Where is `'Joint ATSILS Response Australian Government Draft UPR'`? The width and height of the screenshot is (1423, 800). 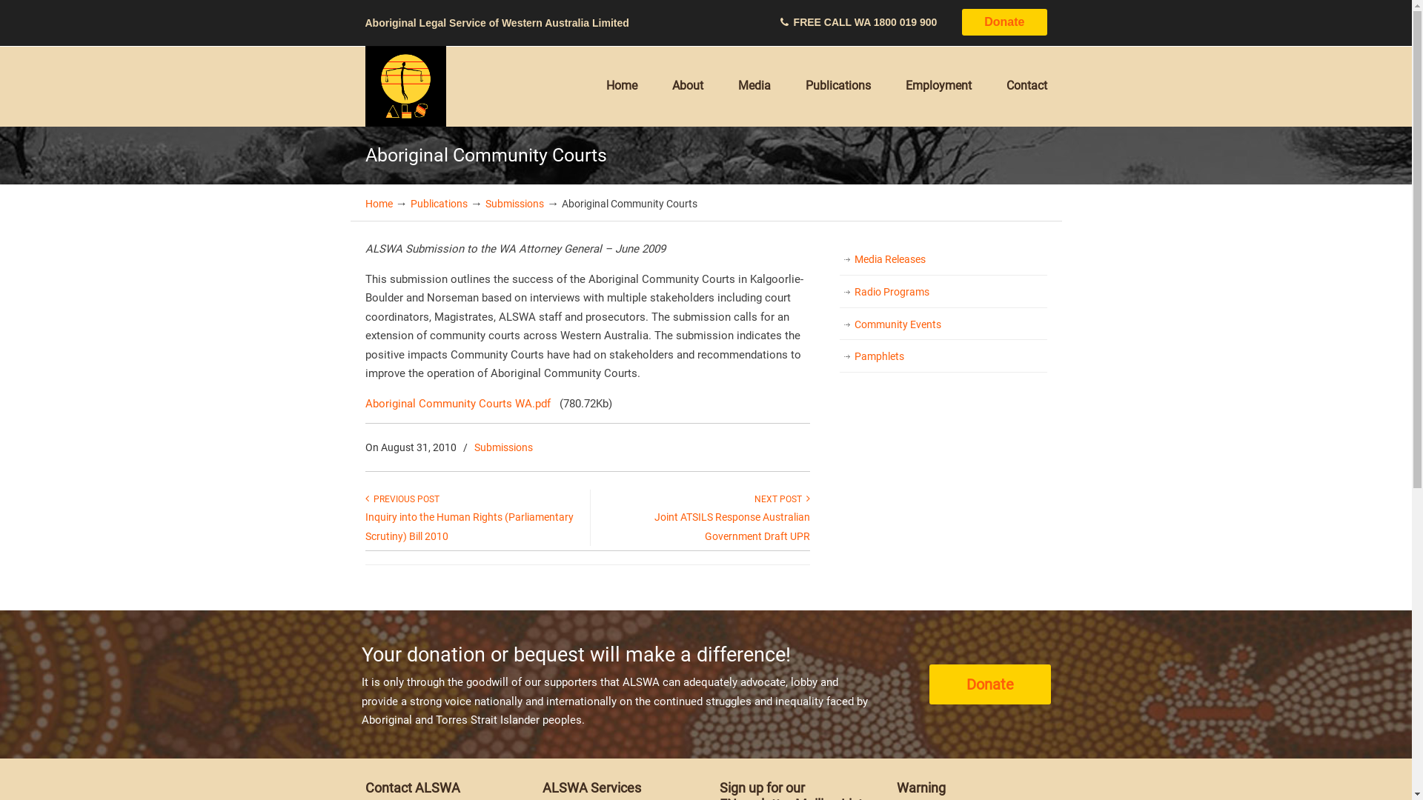
'Joint ATSILS Response Australian Government Draft UPR' is located at coordinates (732, 525).